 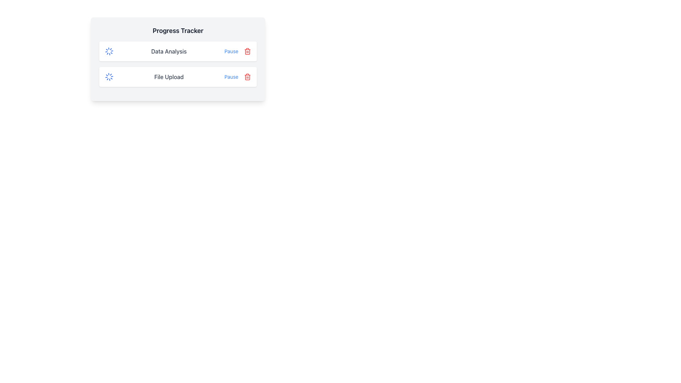 I want to click on the blue, underlined text label reading 'Pause', so click(x=231, y=77).